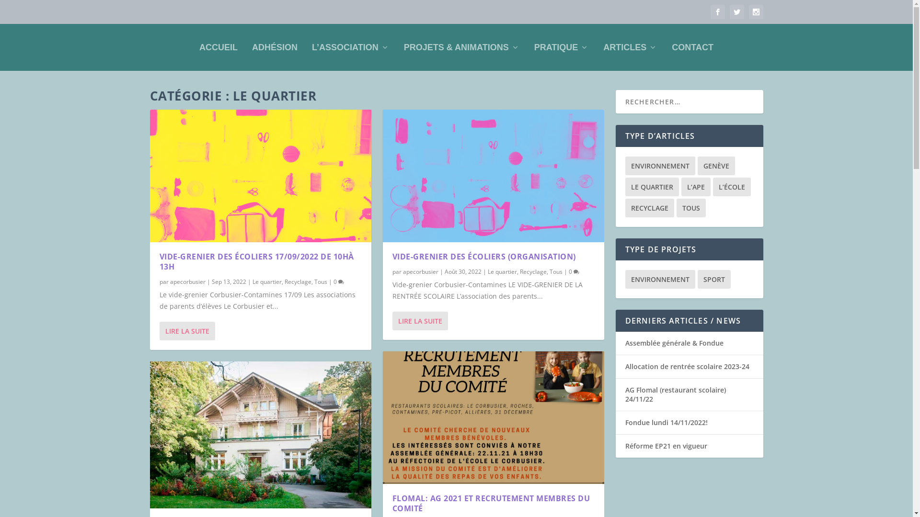  Describe the element at coordinates (502, 271) in the screenshot. I see `'Le quartier'` at that location.